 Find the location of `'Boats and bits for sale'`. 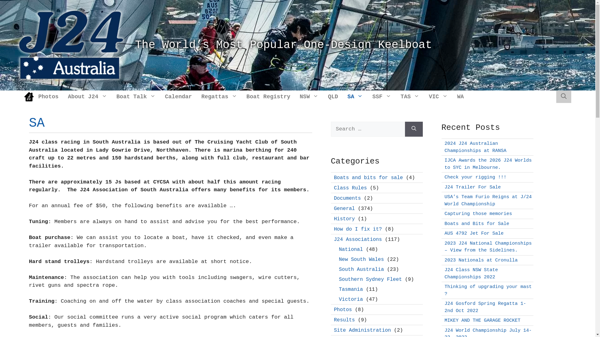

'Boats and bits for sale' is located at coordinates (333, 178).